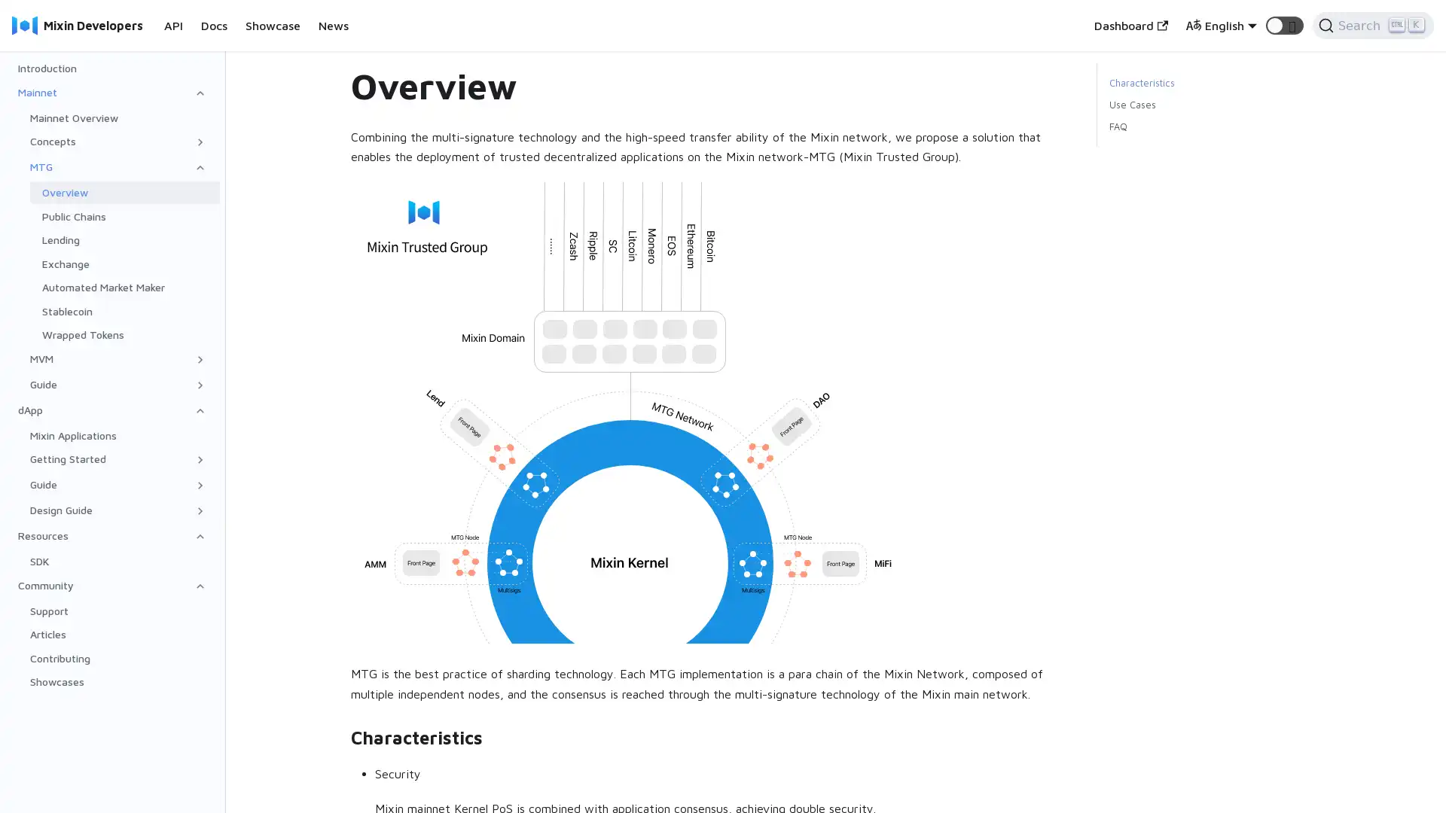  Describe the element at coordinates (1373, 26) in the screenshot. I see `Search` at that location.